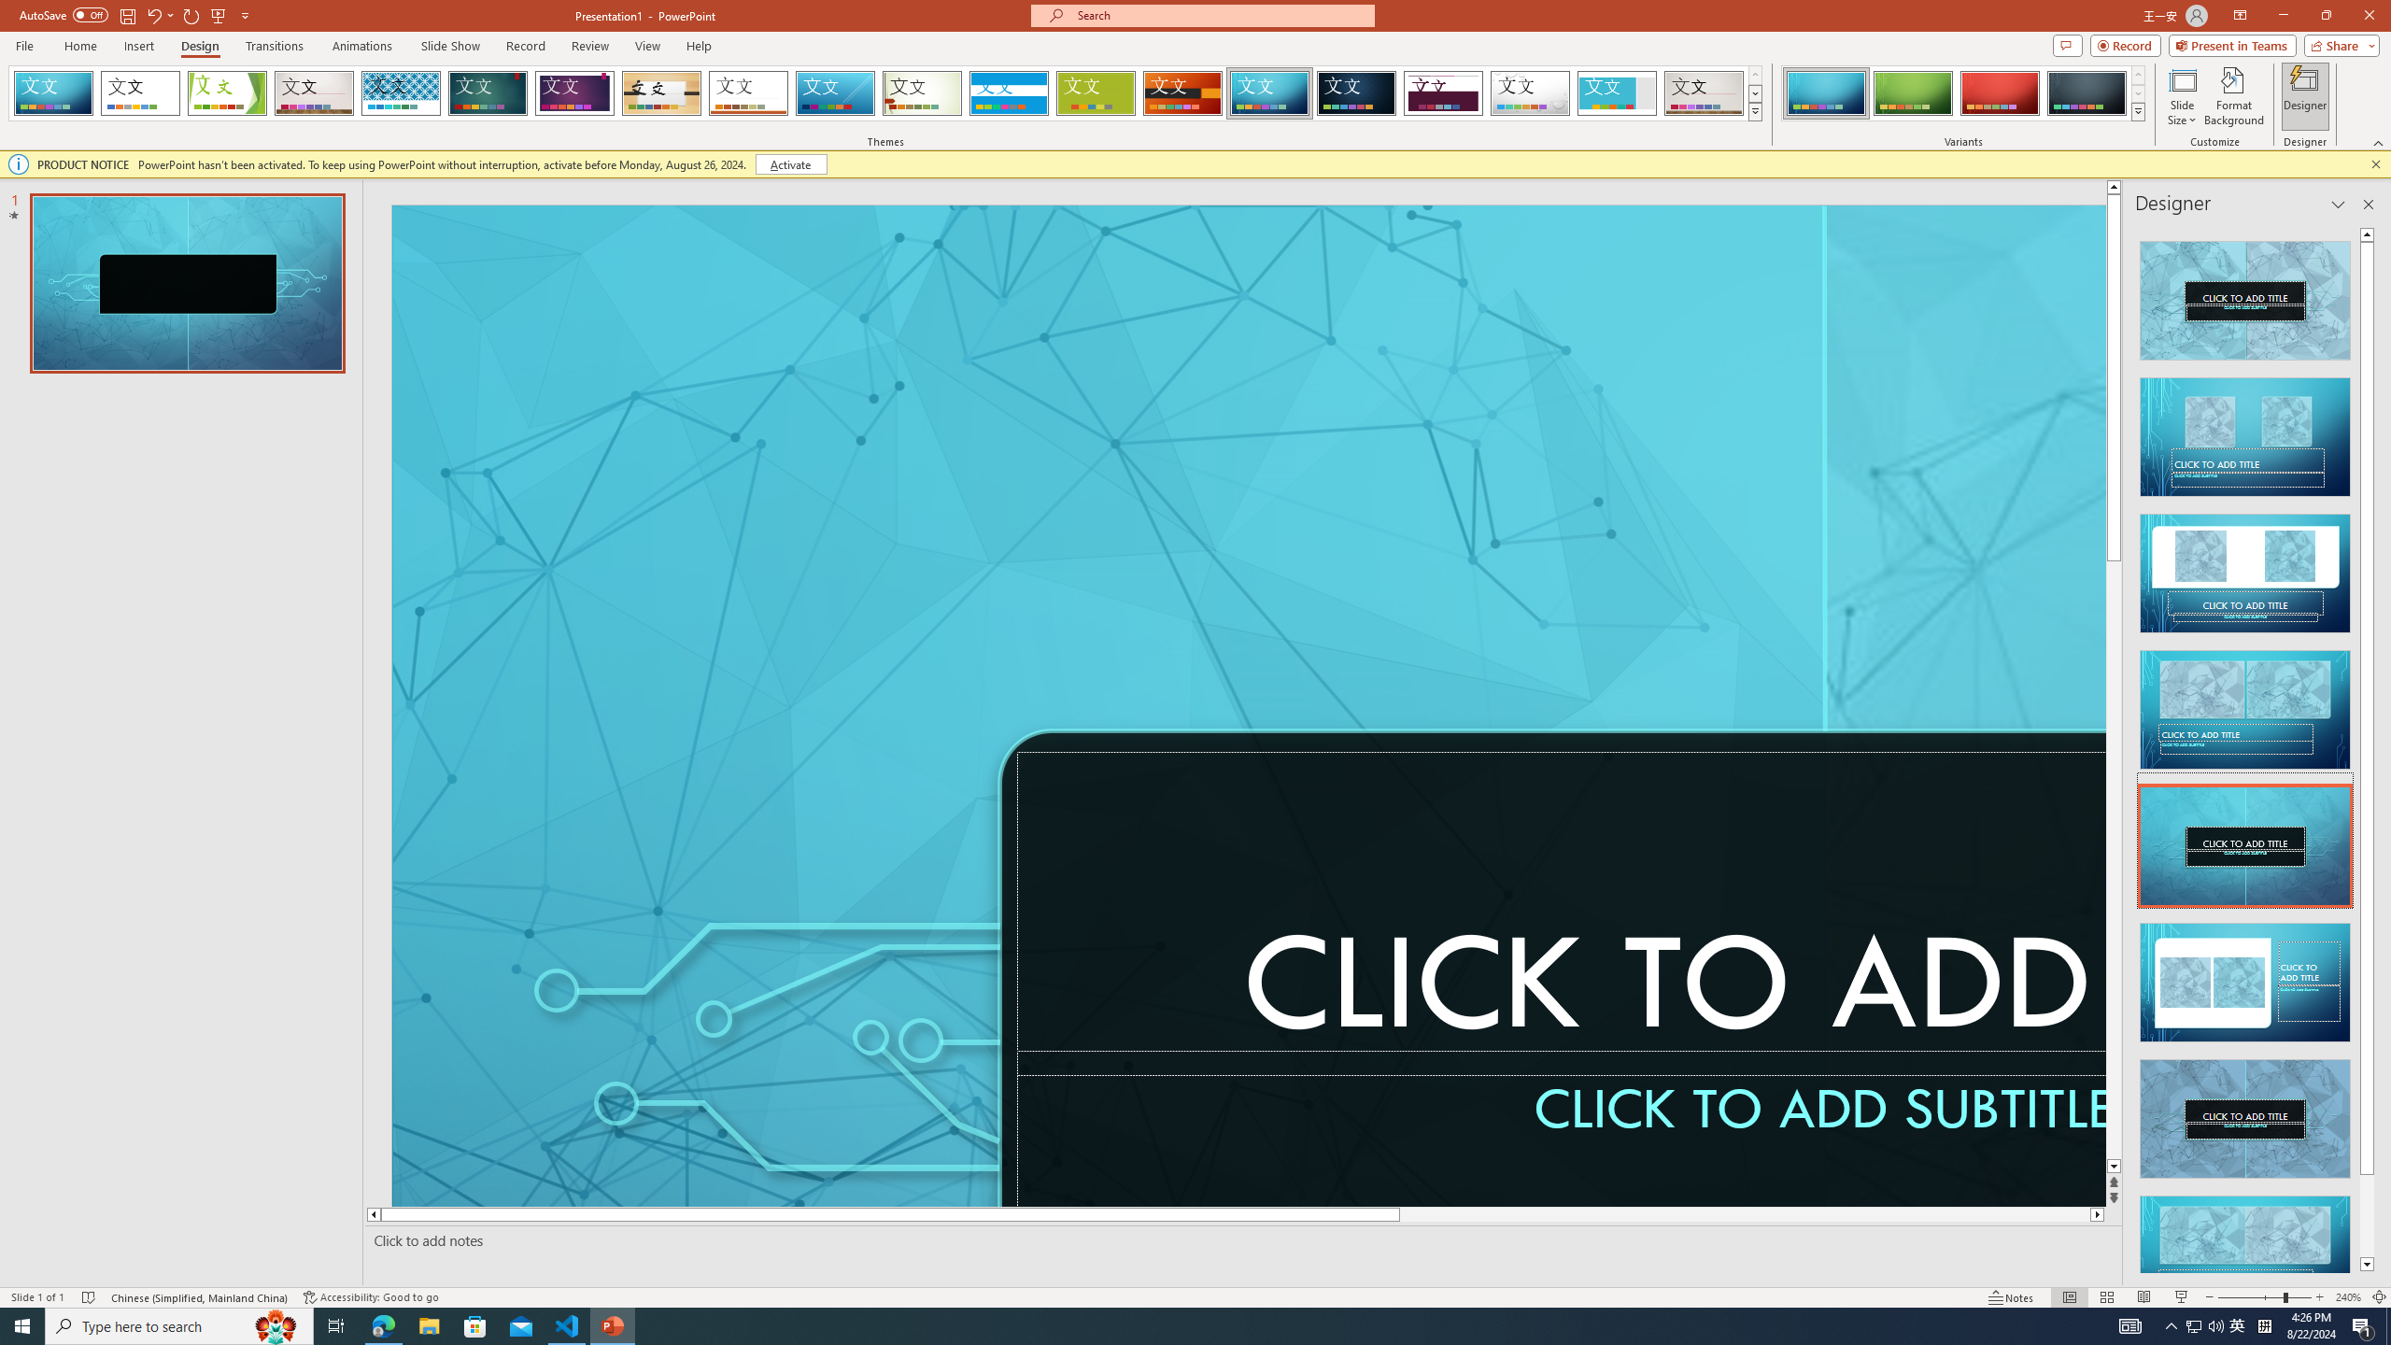  What do you see at coordinates (1912, 92) in the screenshot?
I see `'Circuit Variant 2'` at bounding box center [1912, 92].